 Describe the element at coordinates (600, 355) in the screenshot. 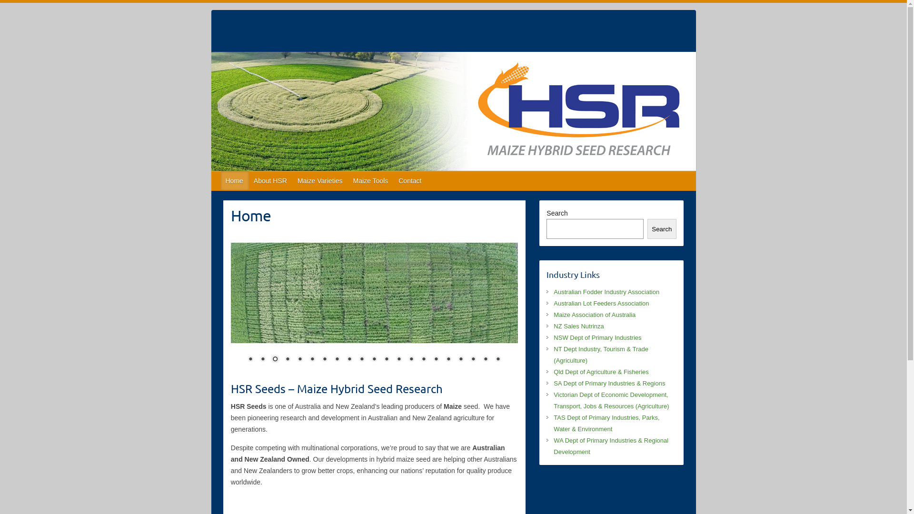

I see `'NT Dept Industry, Tourism & Trade (Agriculture)'` at that location.